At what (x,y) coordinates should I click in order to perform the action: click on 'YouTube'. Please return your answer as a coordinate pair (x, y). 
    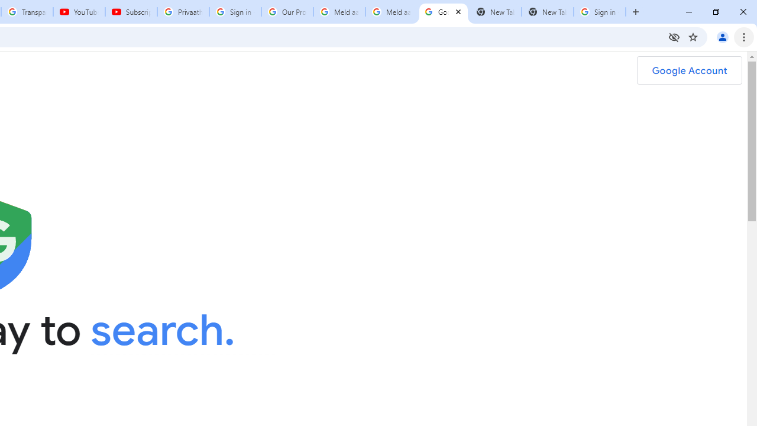
    Looking at the image, I should click on (78, 12).